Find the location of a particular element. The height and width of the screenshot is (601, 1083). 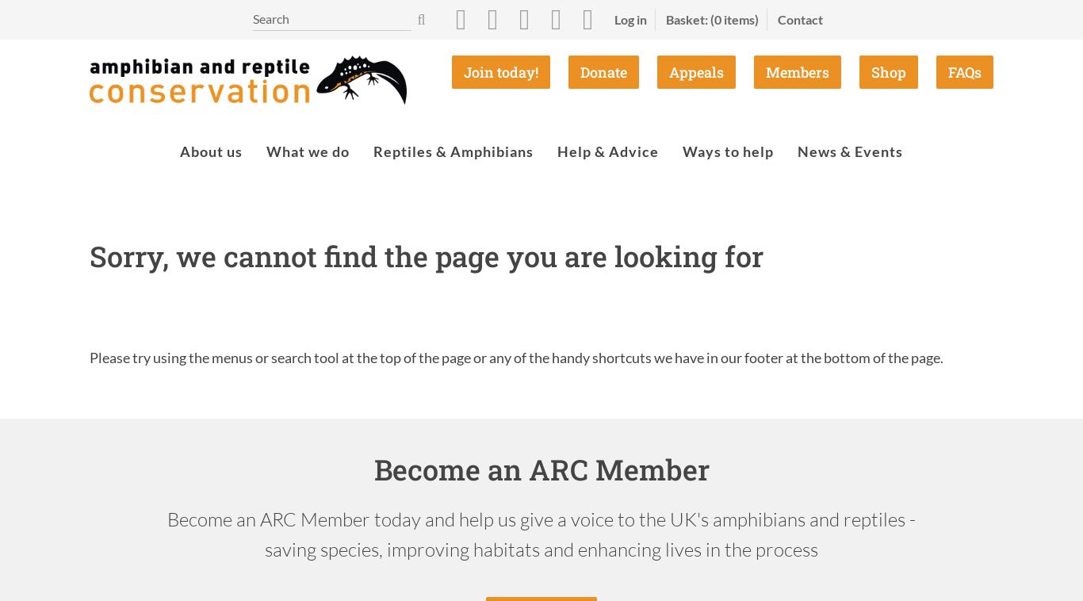

'Appeals' is located at coordinates (668, 71).